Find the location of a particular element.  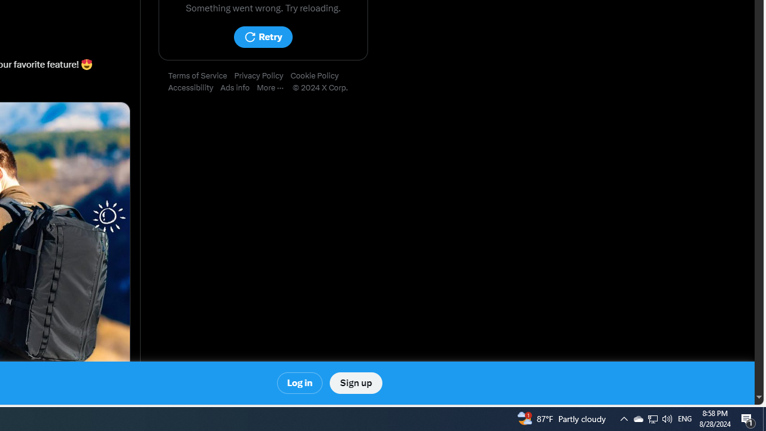

'Privacy Policy' is located at coordinates (262, 76).